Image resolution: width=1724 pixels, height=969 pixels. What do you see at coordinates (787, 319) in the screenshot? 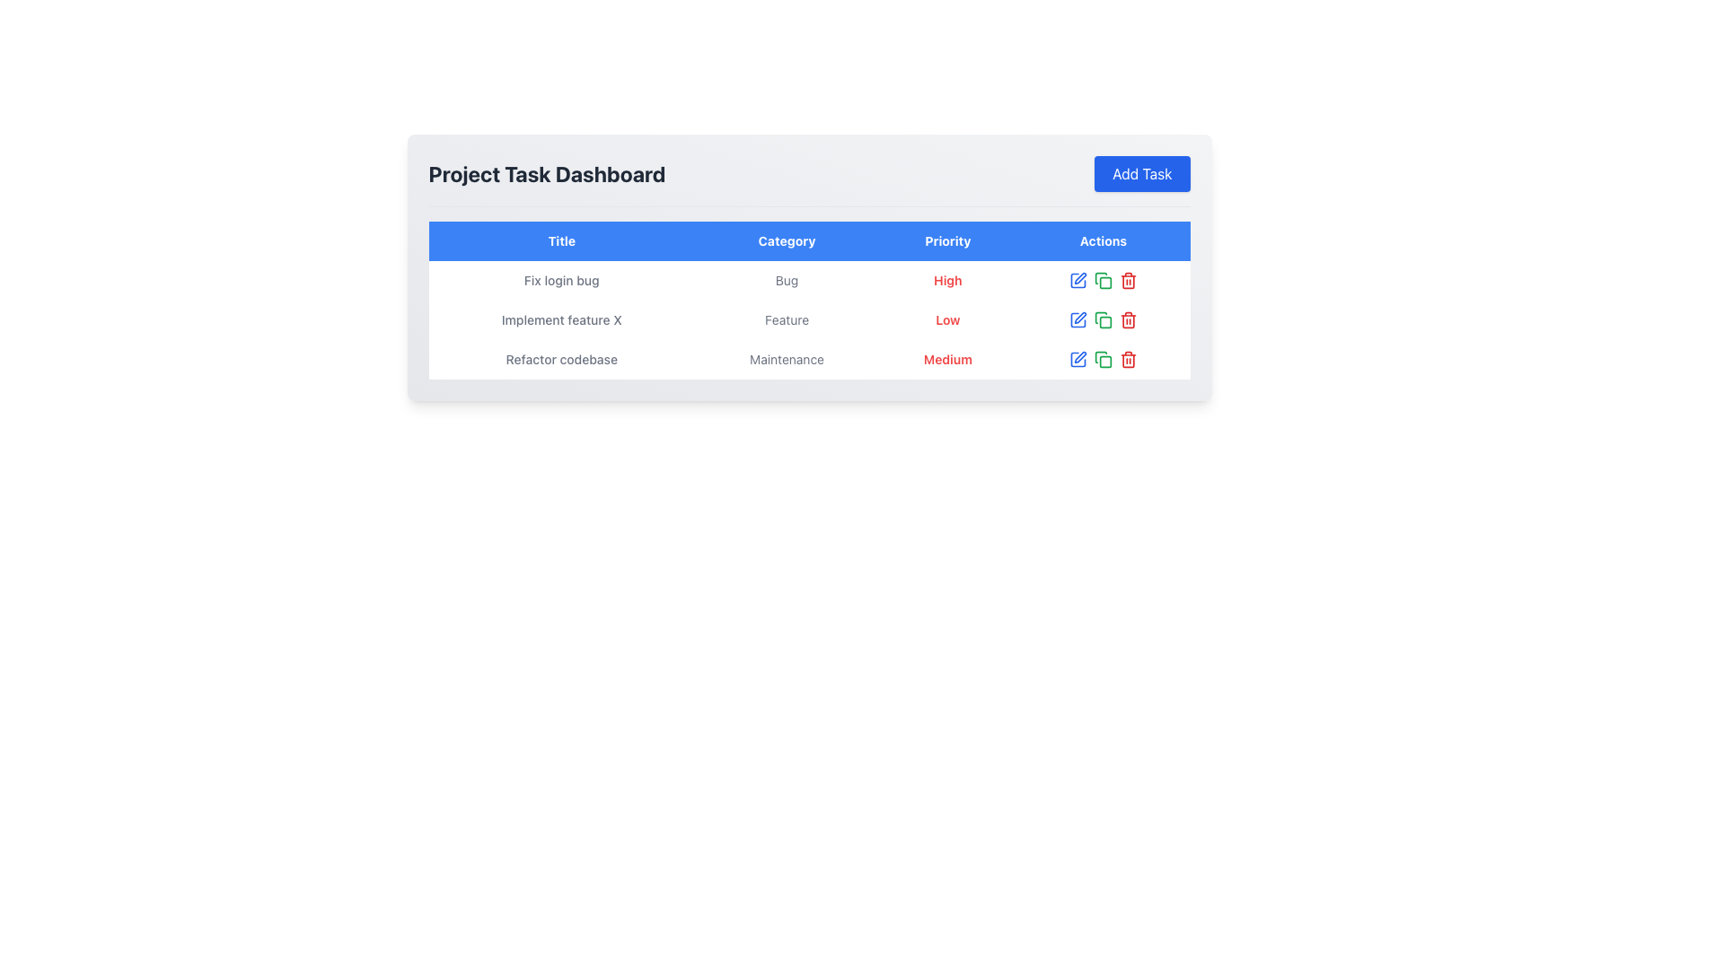
I see `the informational text label in the second row of the table under the 'Category' column, which is located to the right of the 'Implement feature X' label and to the left of the 'Low' label` at bounding box center [787, 319].